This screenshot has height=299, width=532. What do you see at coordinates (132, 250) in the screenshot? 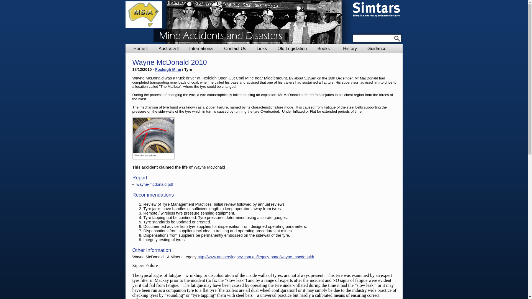
I see `'Other Information'` at bounding box center [132, 250].